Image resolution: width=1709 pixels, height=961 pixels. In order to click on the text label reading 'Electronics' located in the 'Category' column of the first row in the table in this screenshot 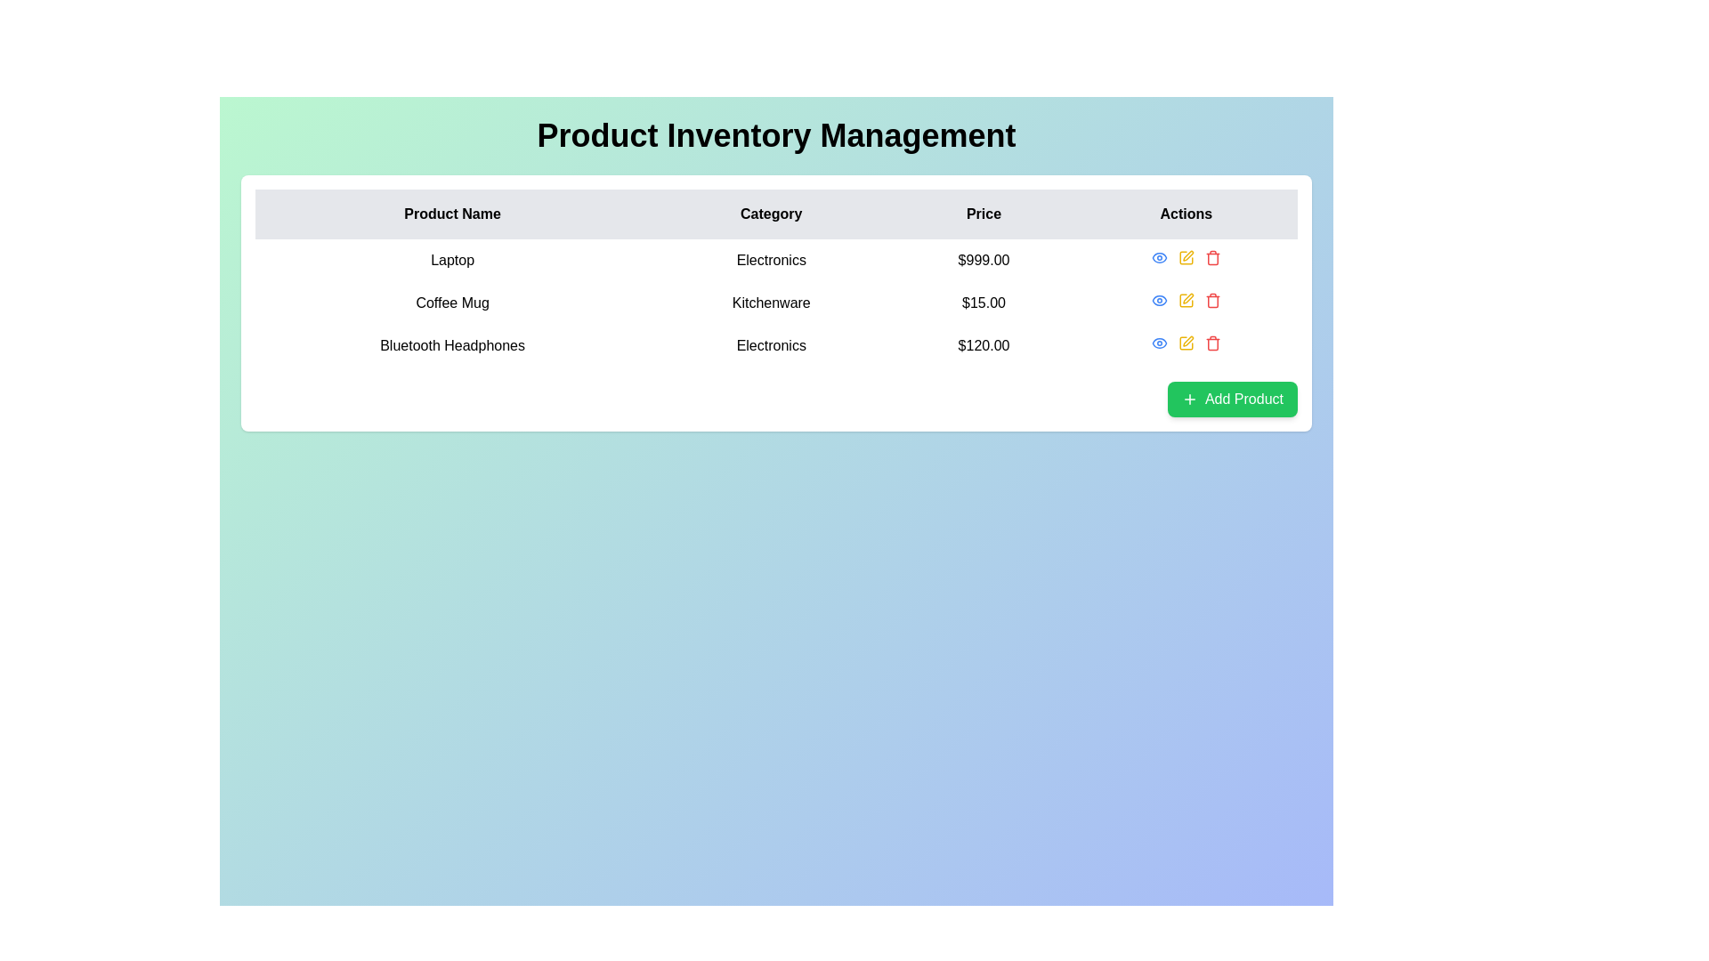, I will do `click(771, 261)`.